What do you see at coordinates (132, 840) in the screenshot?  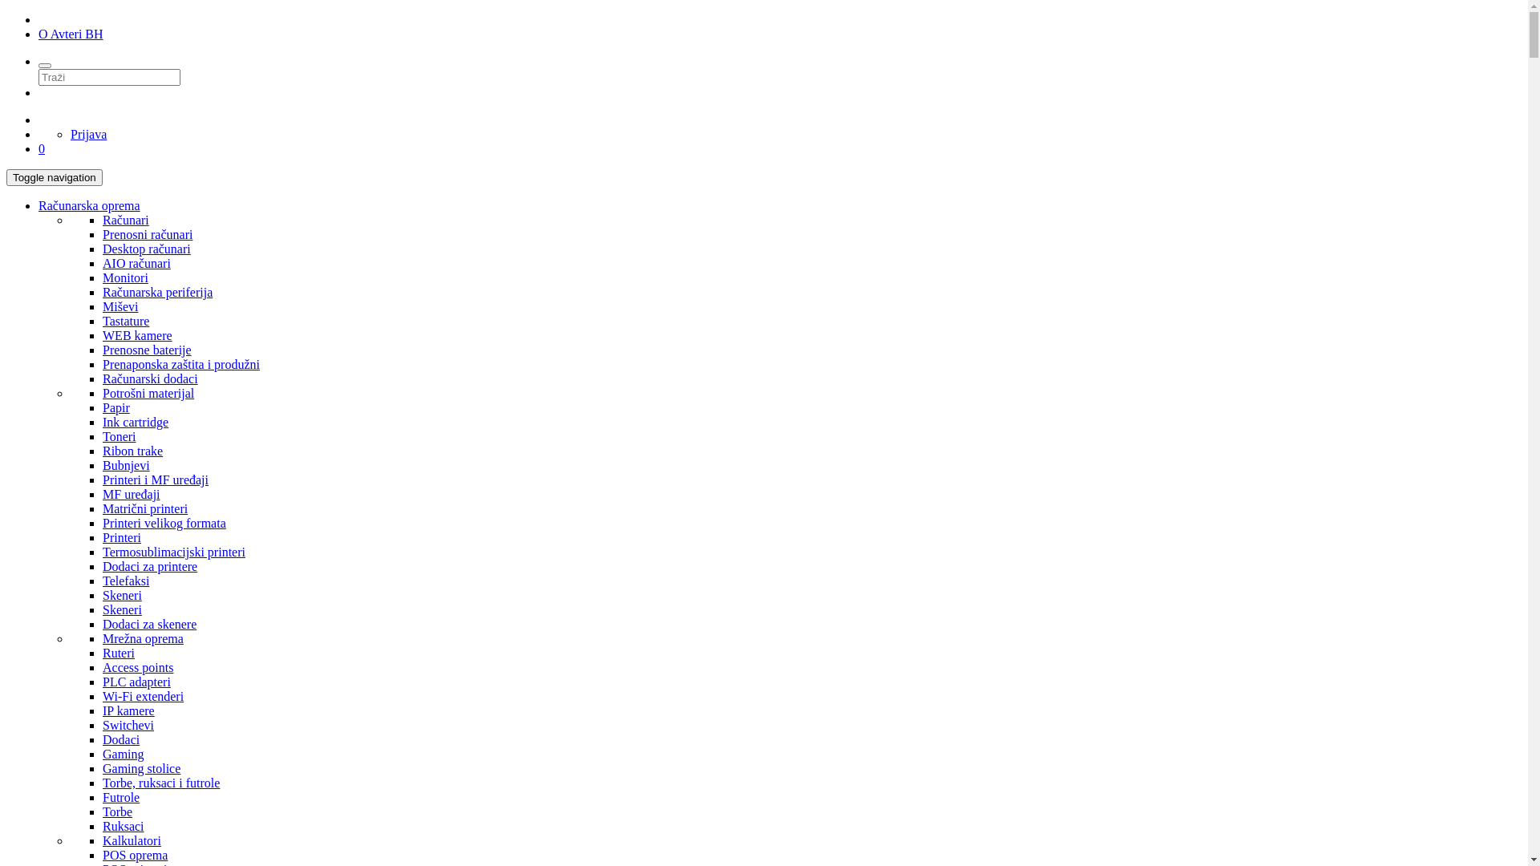 I see `'Kalkulatori'` at bounding box center [132, 840].